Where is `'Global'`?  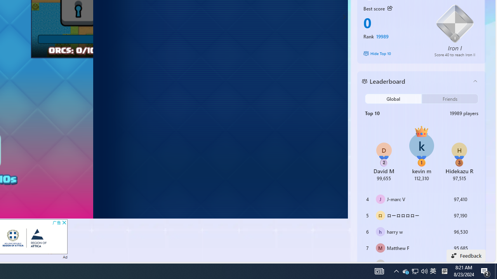
'Global' is located at coordinates (393, 98).